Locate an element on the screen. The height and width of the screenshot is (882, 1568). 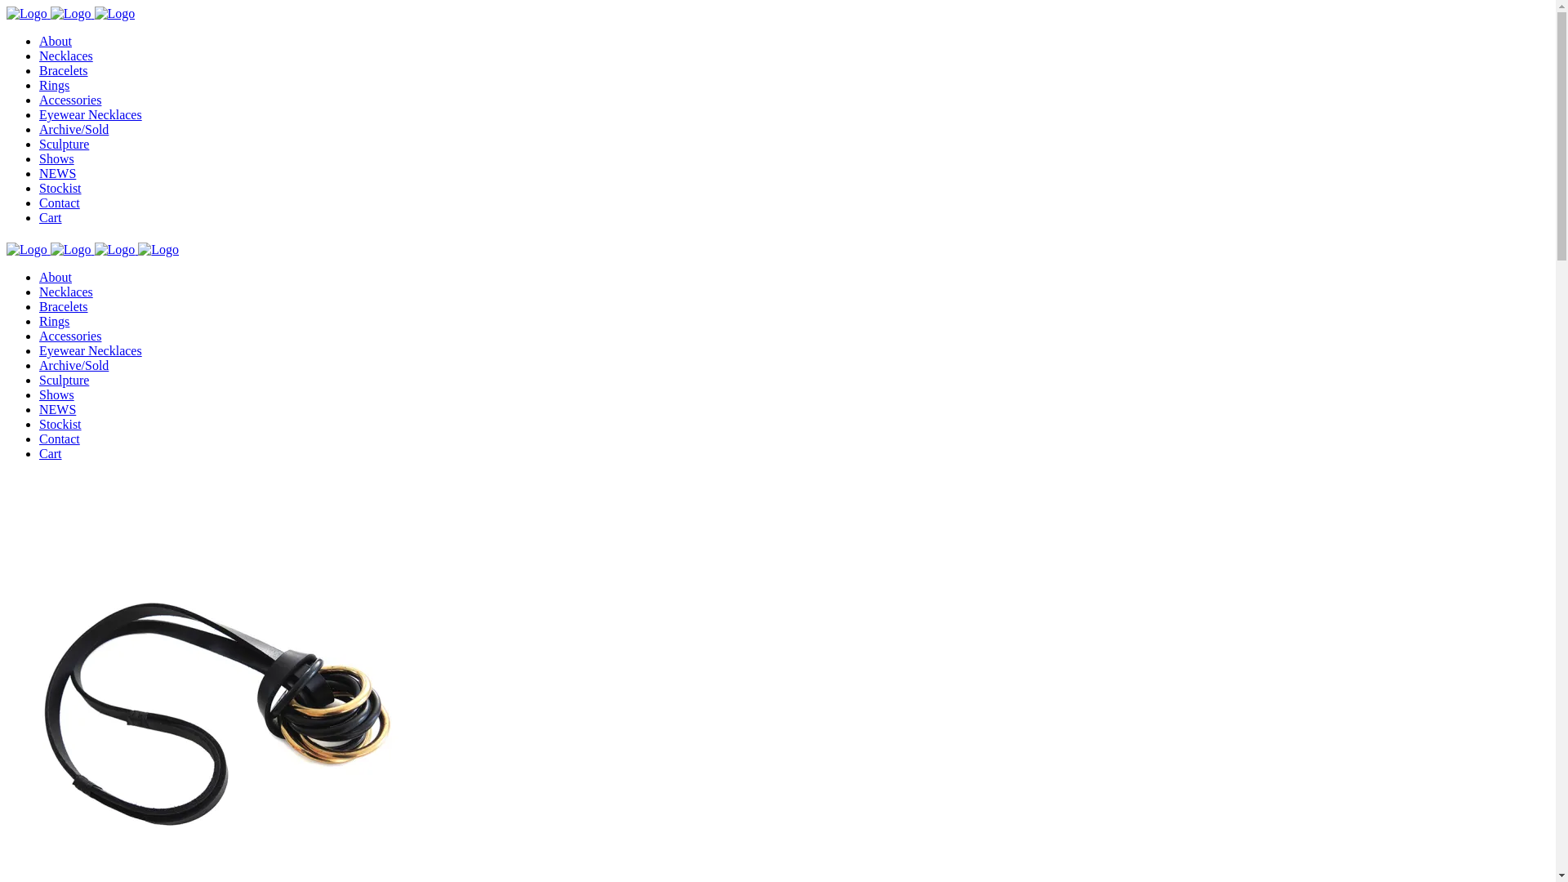
'Contact' is located at coordinates (59, 438).